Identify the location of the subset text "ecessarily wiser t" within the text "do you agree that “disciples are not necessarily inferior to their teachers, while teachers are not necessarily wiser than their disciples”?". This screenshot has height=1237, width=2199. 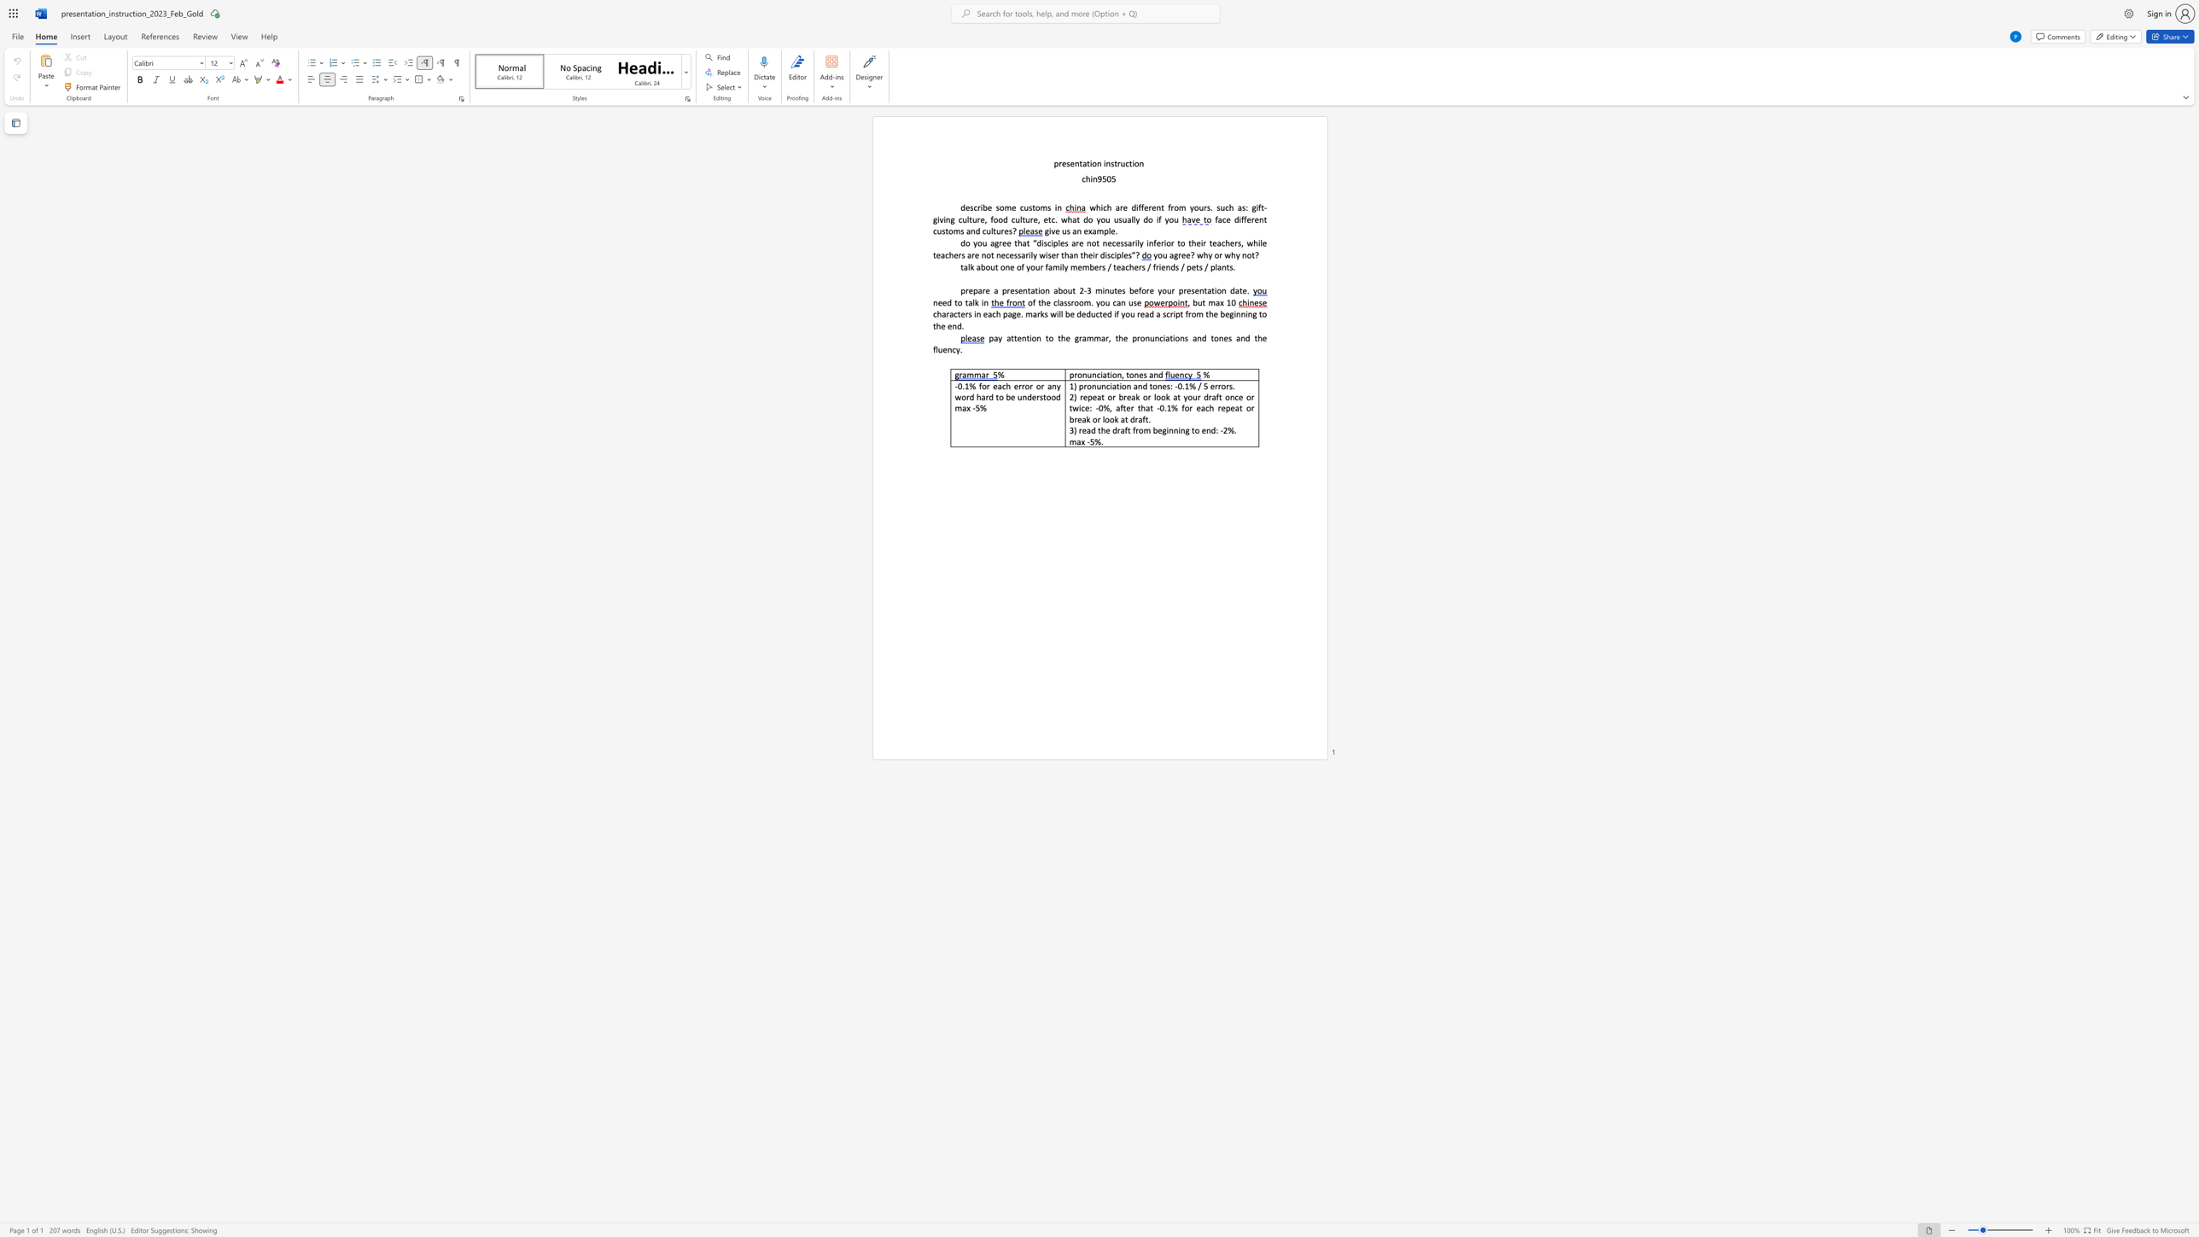
(1000, 255).